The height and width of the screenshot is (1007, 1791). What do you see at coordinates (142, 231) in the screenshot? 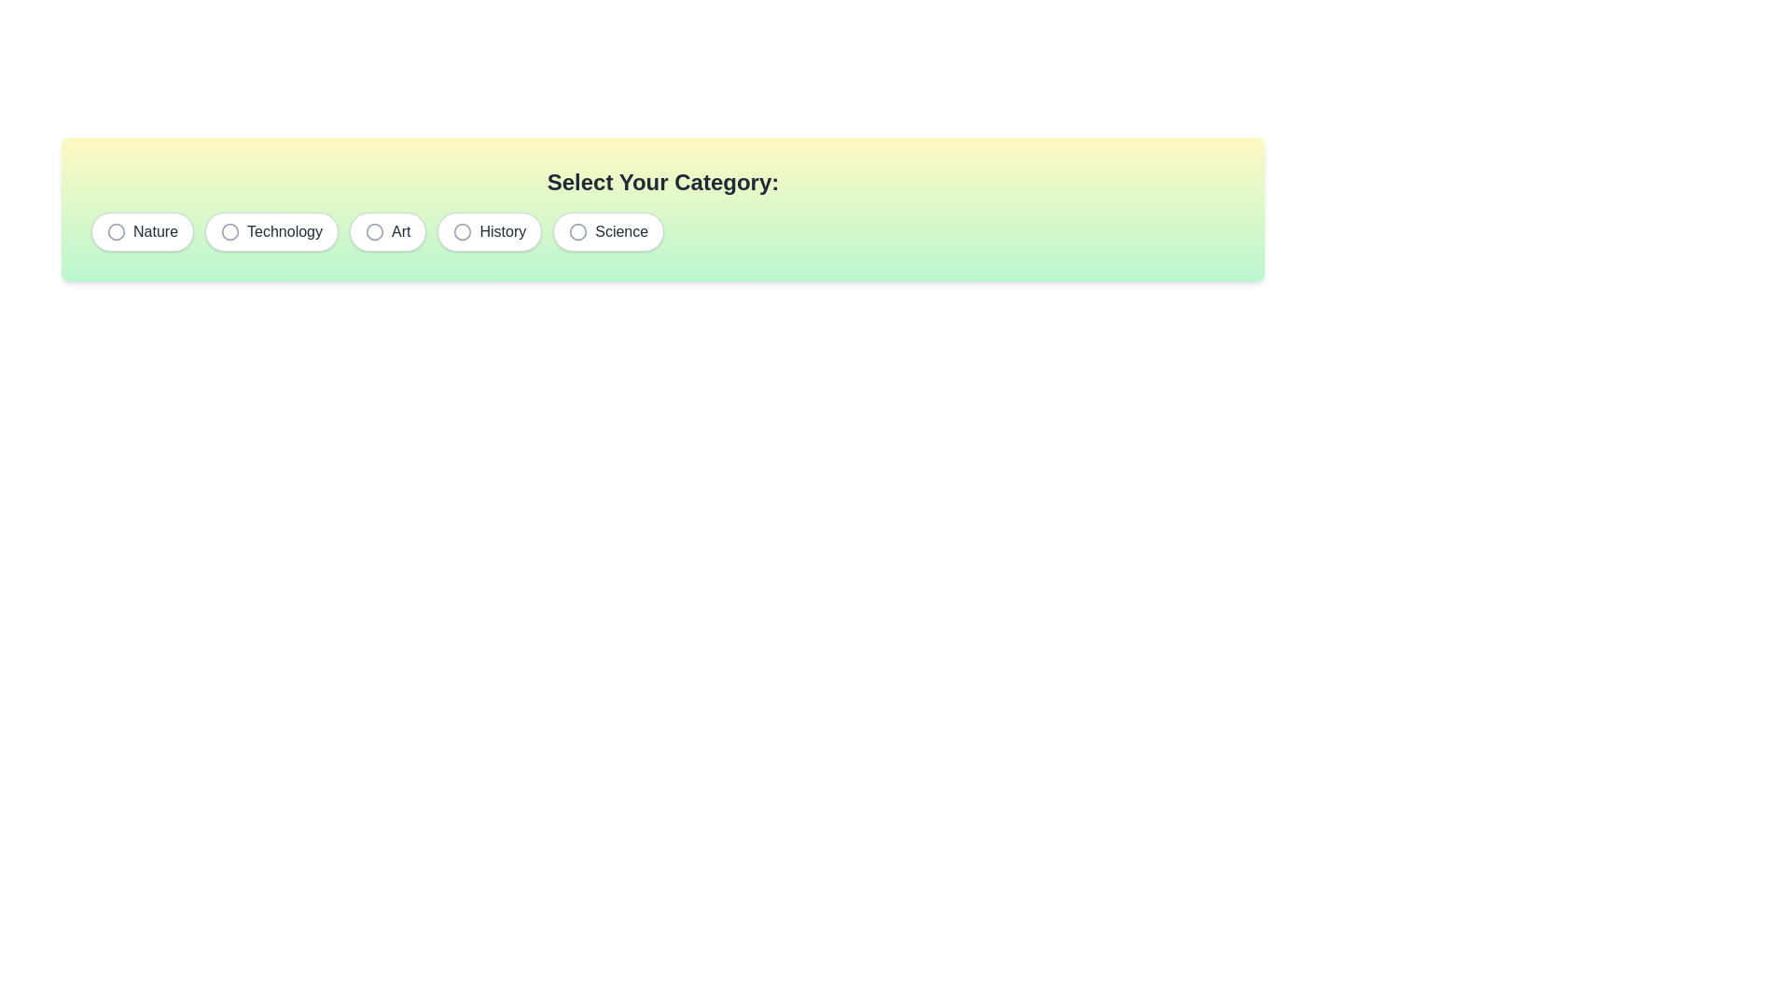
I see `the chip corresponding to the category Nature` at bounding box center [142, 231].